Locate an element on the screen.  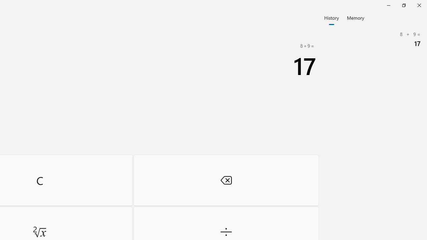
'Restore Calculator' is located at coordinates (403, 5).